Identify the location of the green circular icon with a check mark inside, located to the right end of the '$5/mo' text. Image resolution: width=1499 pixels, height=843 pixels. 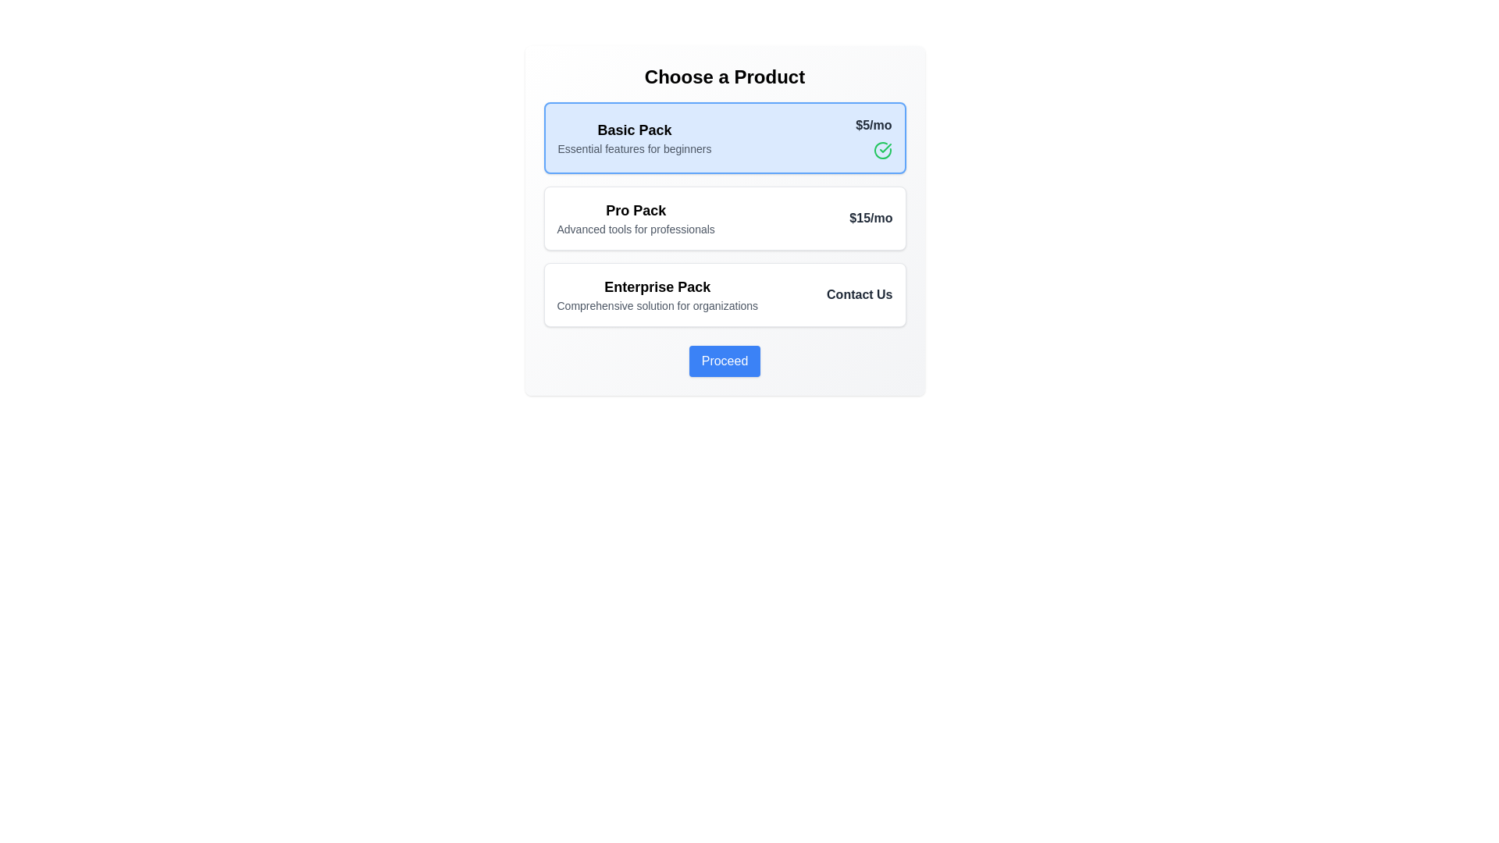
(882, 150).